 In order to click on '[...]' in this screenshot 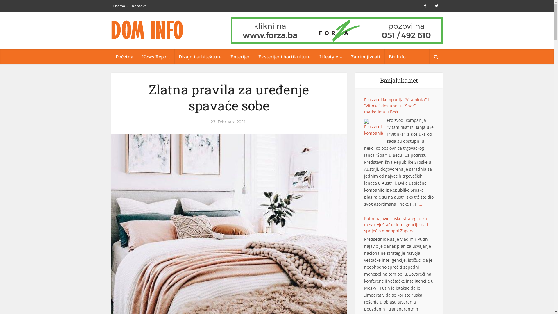, I will do `click(420, 302)`.